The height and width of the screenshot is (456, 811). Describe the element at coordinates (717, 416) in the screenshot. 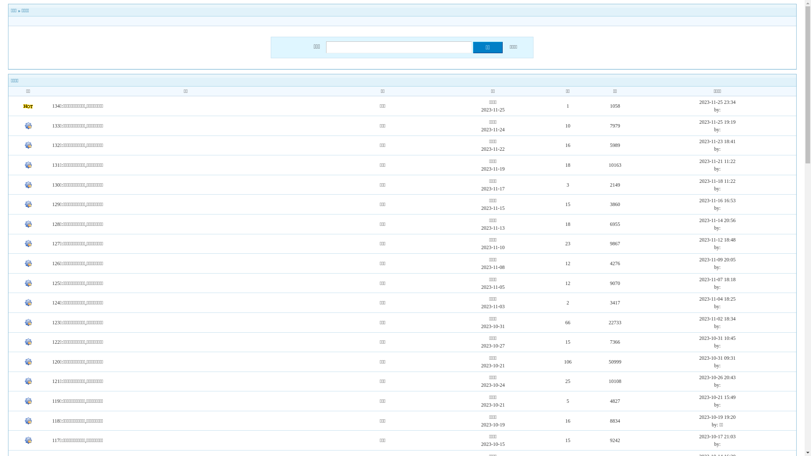

I see `'2023-10-19 19:20'` at that location.